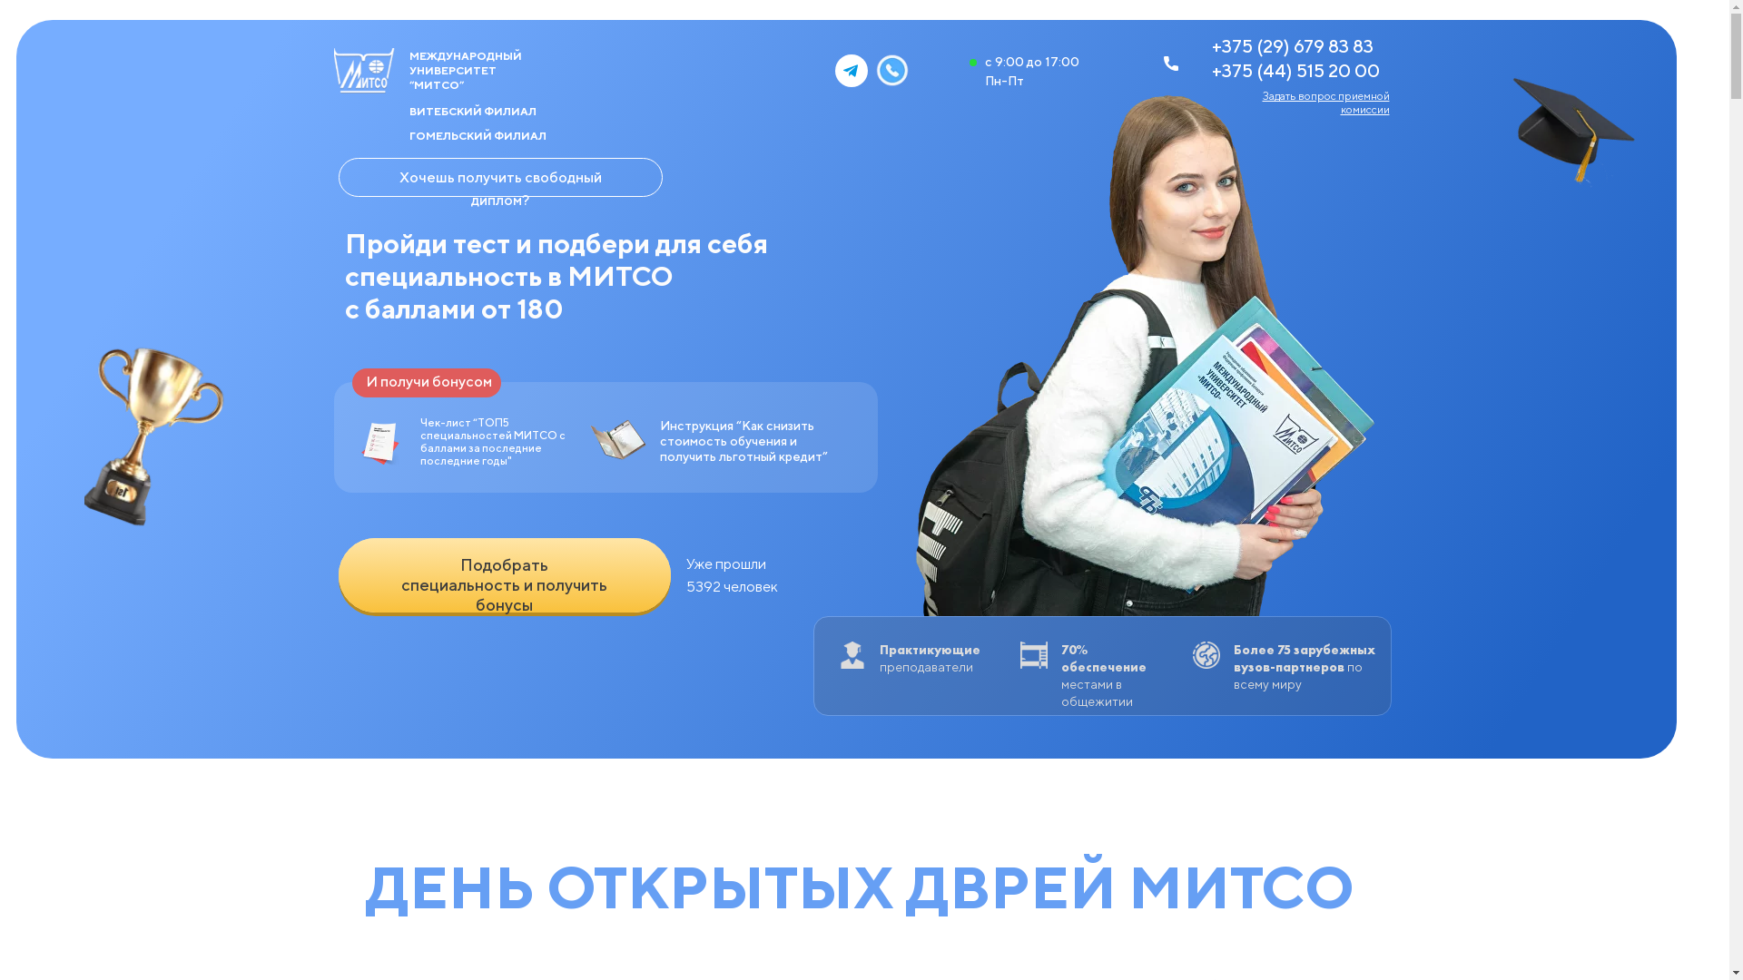 This screenshot has height=980, width=1743. Describe the element at coordinates (1290, 44) in the screenshot. I see `'+375 (29) 679 83 83'` at that location.